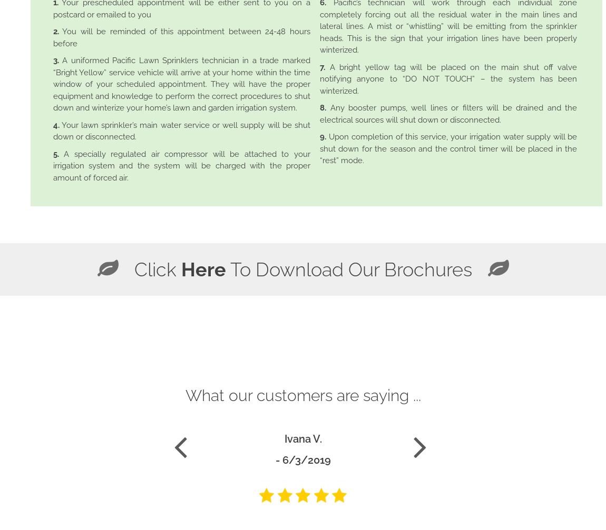 The width and height of the screenshot is (606, 530). What do you see at coordinates (203, 268) in the screenshot?
I see `'Here'` at bounding box center [203, 268].